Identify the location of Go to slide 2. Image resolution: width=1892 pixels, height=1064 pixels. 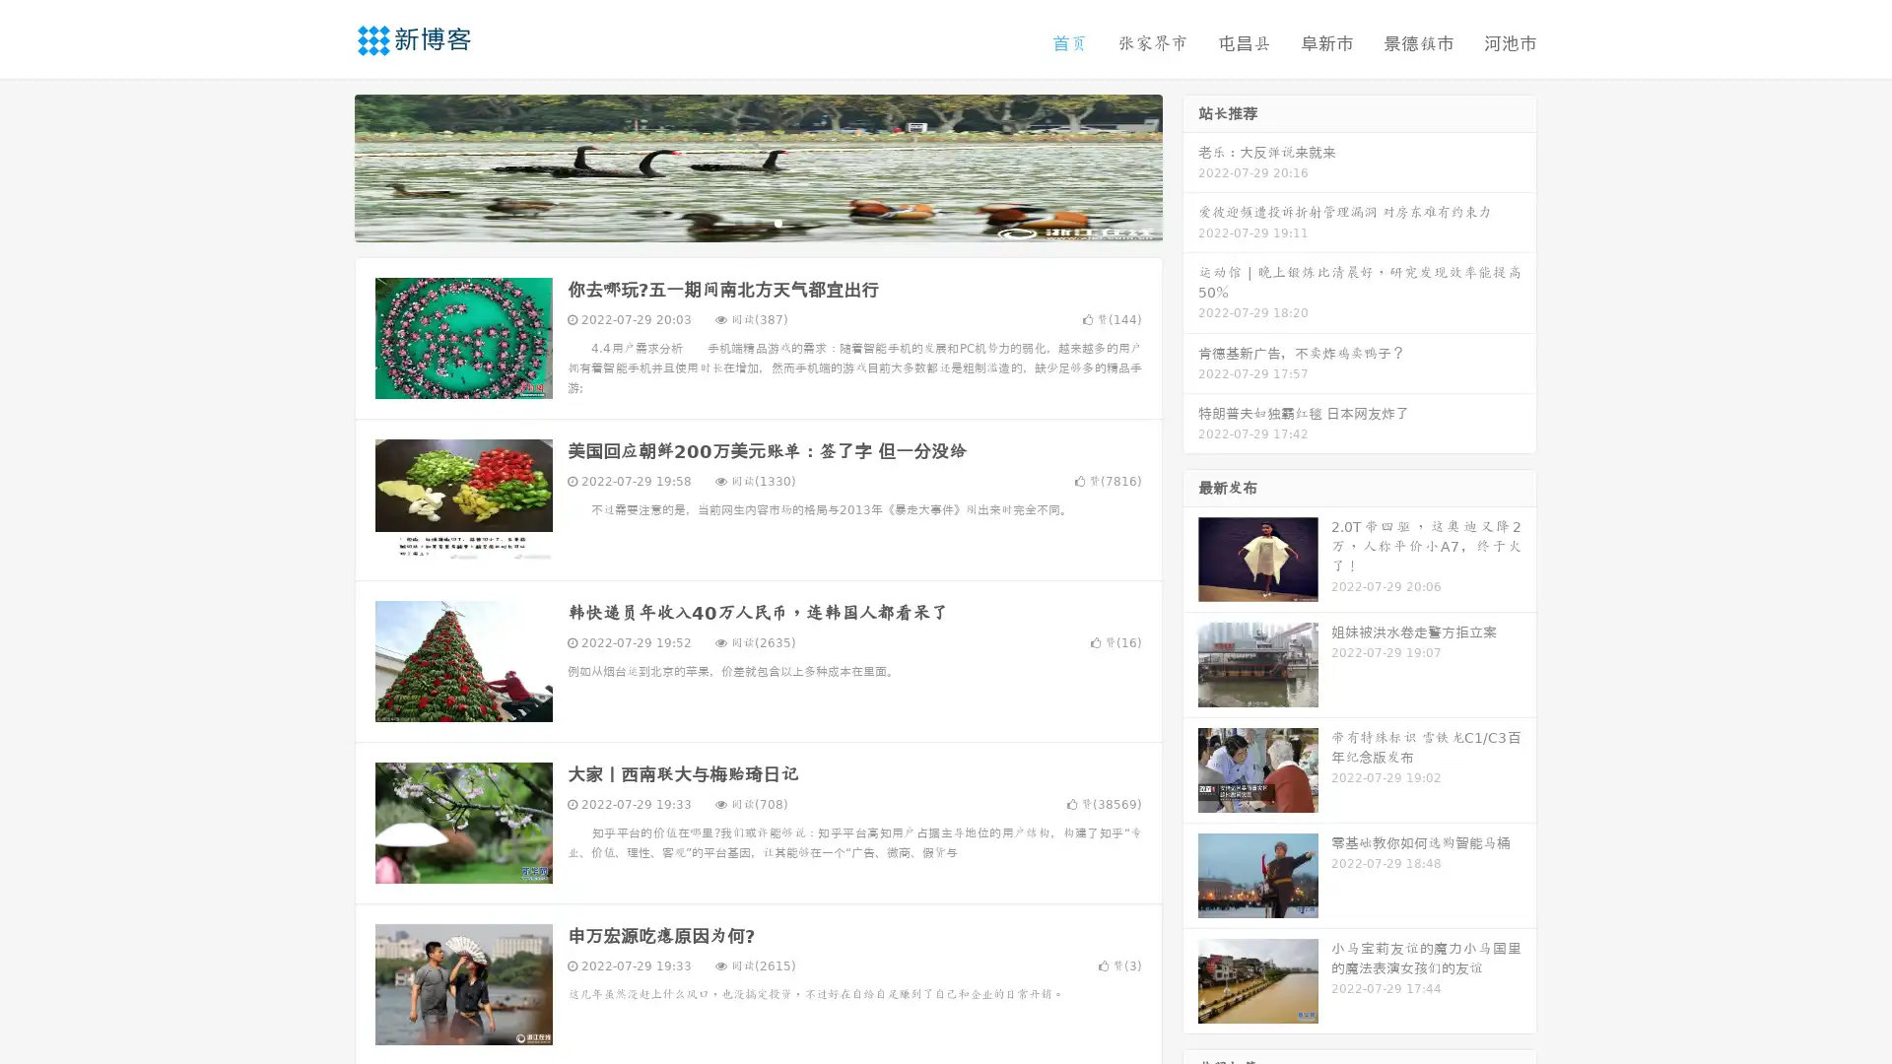
(757, 222).